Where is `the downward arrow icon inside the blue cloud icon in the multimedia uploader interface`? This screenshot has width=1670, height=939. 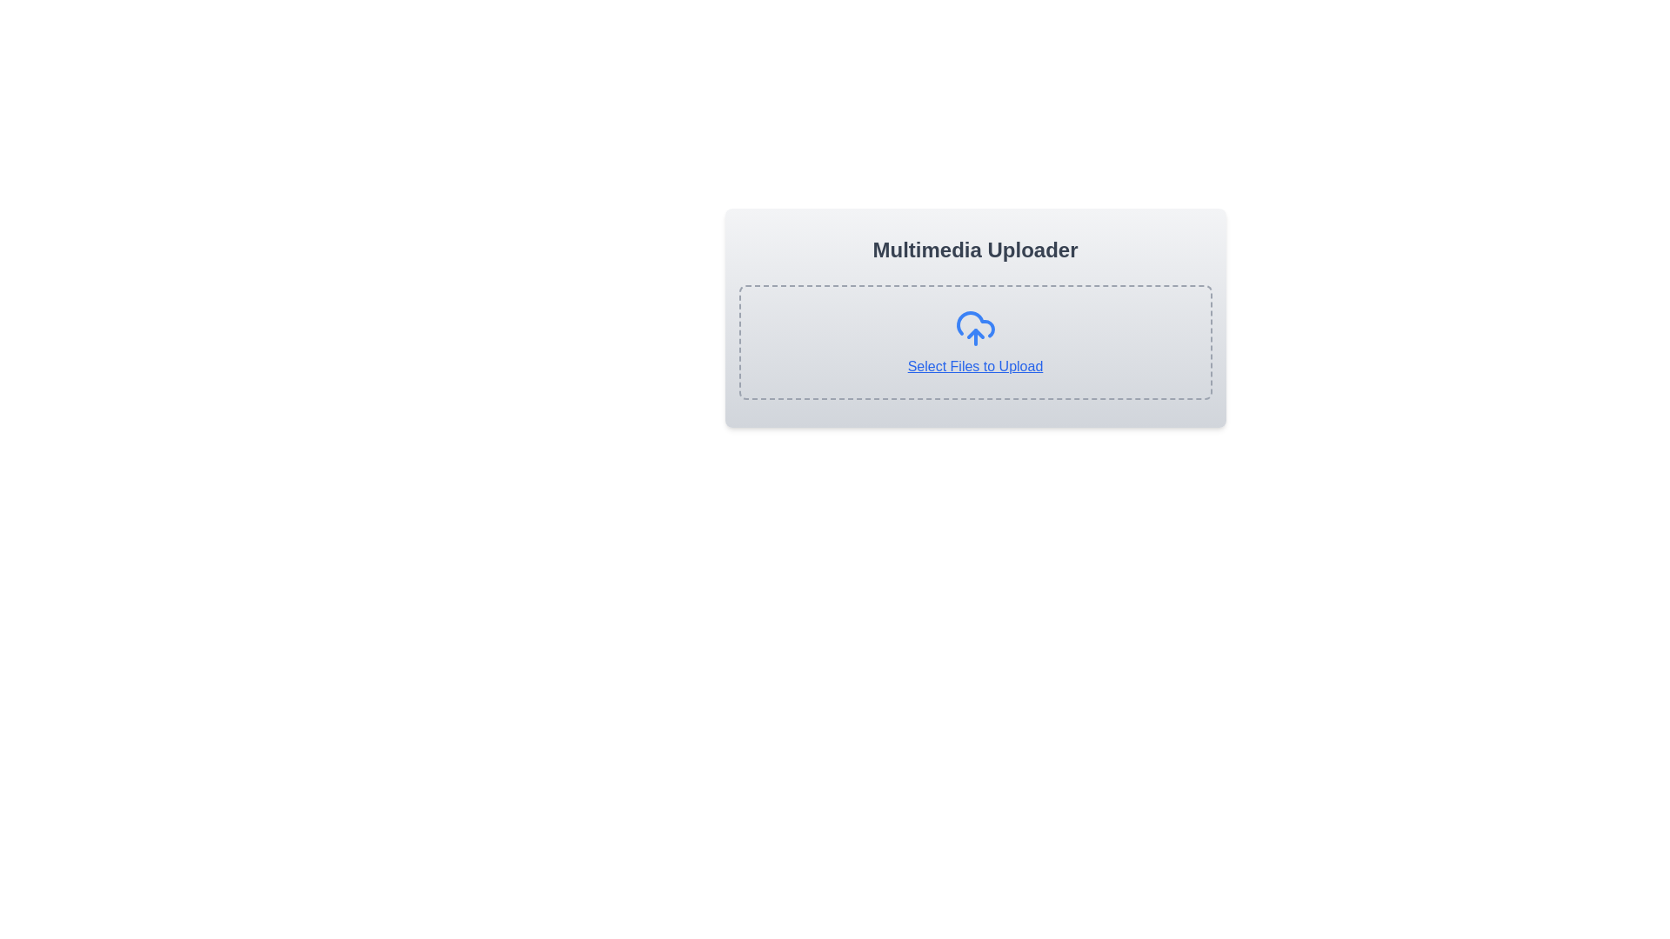 the downward arrow icon inside the blue cloud icon in the multimedia uploader interface is located at coordinates (975, 334).